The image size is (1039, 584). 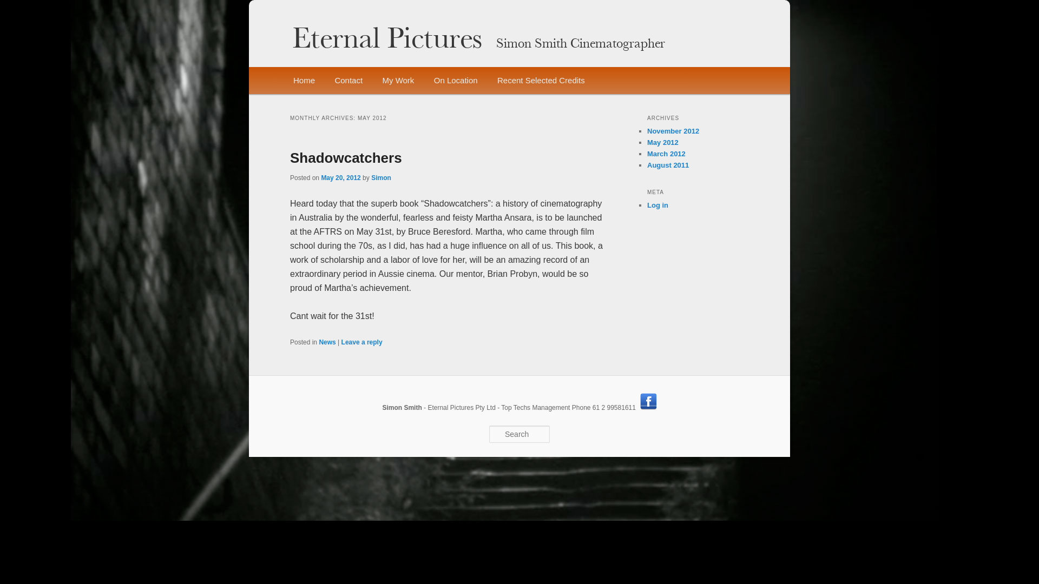 I want to click on 'Search', so click(x=17, y=6).